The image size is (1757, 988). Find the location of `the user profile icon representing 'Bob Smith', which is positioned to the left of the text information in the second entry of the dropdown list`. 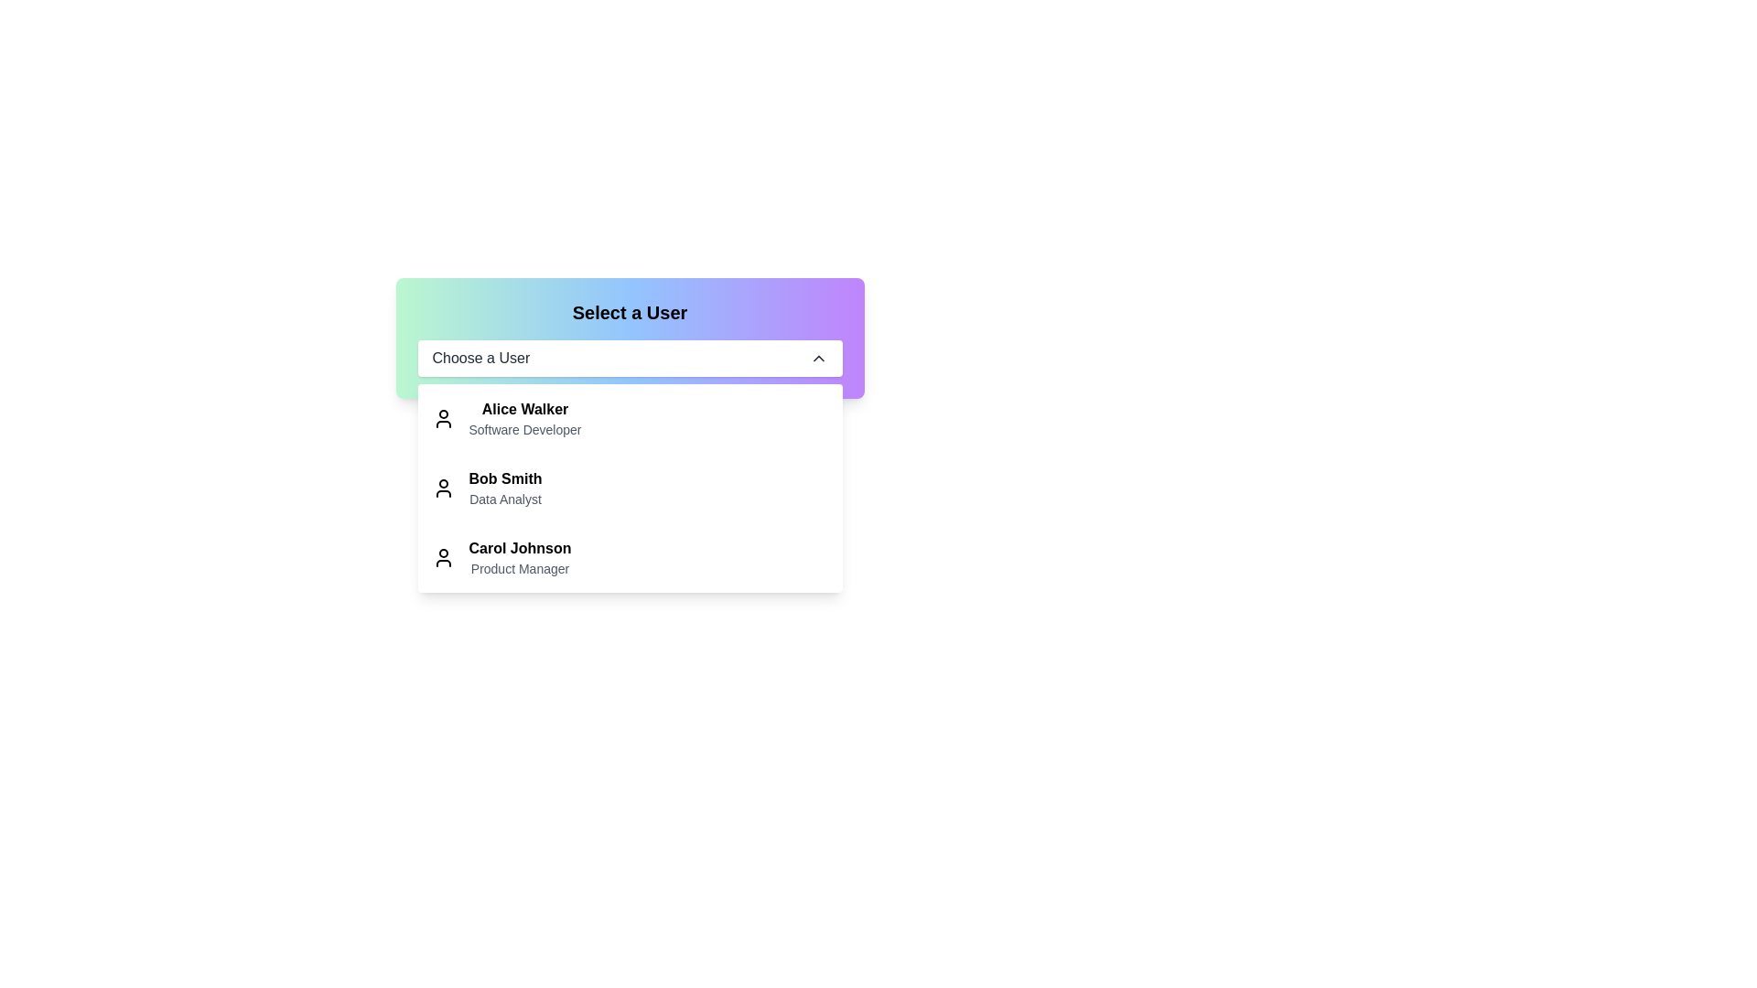

the user profile icon representing 'Bob Smith', which is positioned to the left of the text information in the second entry of the dropdown list is located at coordinates (443, 487).